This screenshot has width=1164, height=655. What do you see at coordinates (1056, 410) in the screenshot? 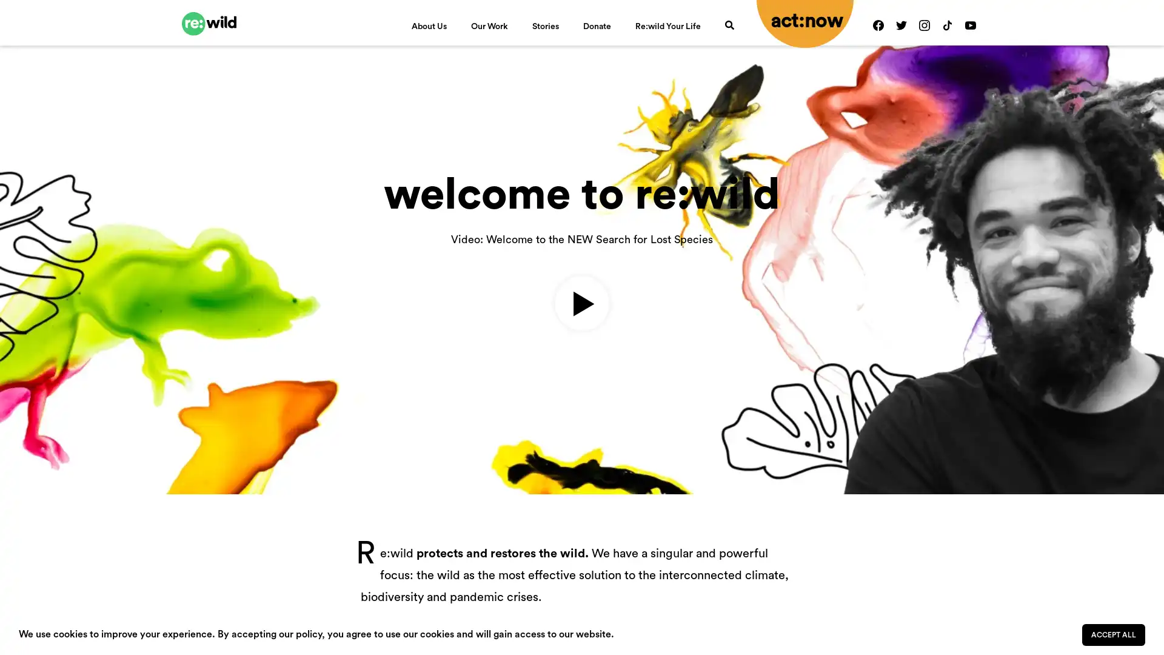
I see `mute` at bounding box center [1056, 410].